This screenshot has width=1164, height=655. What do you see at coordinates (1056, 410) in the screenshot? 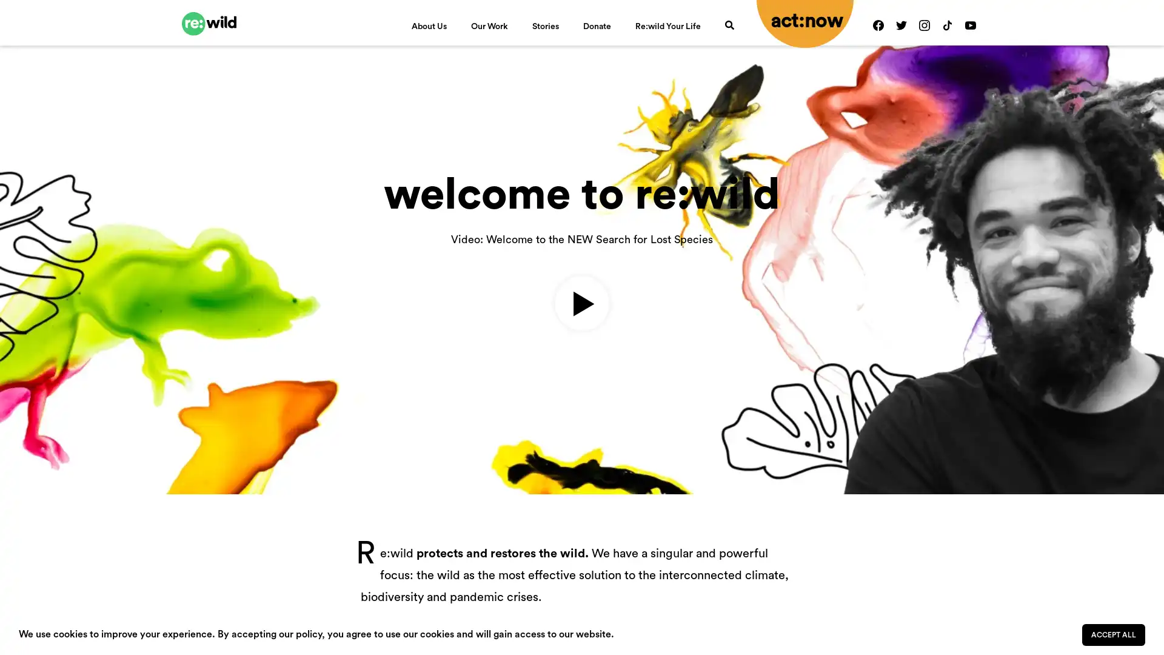
I see `mute` at bounding box center [1056, 410].